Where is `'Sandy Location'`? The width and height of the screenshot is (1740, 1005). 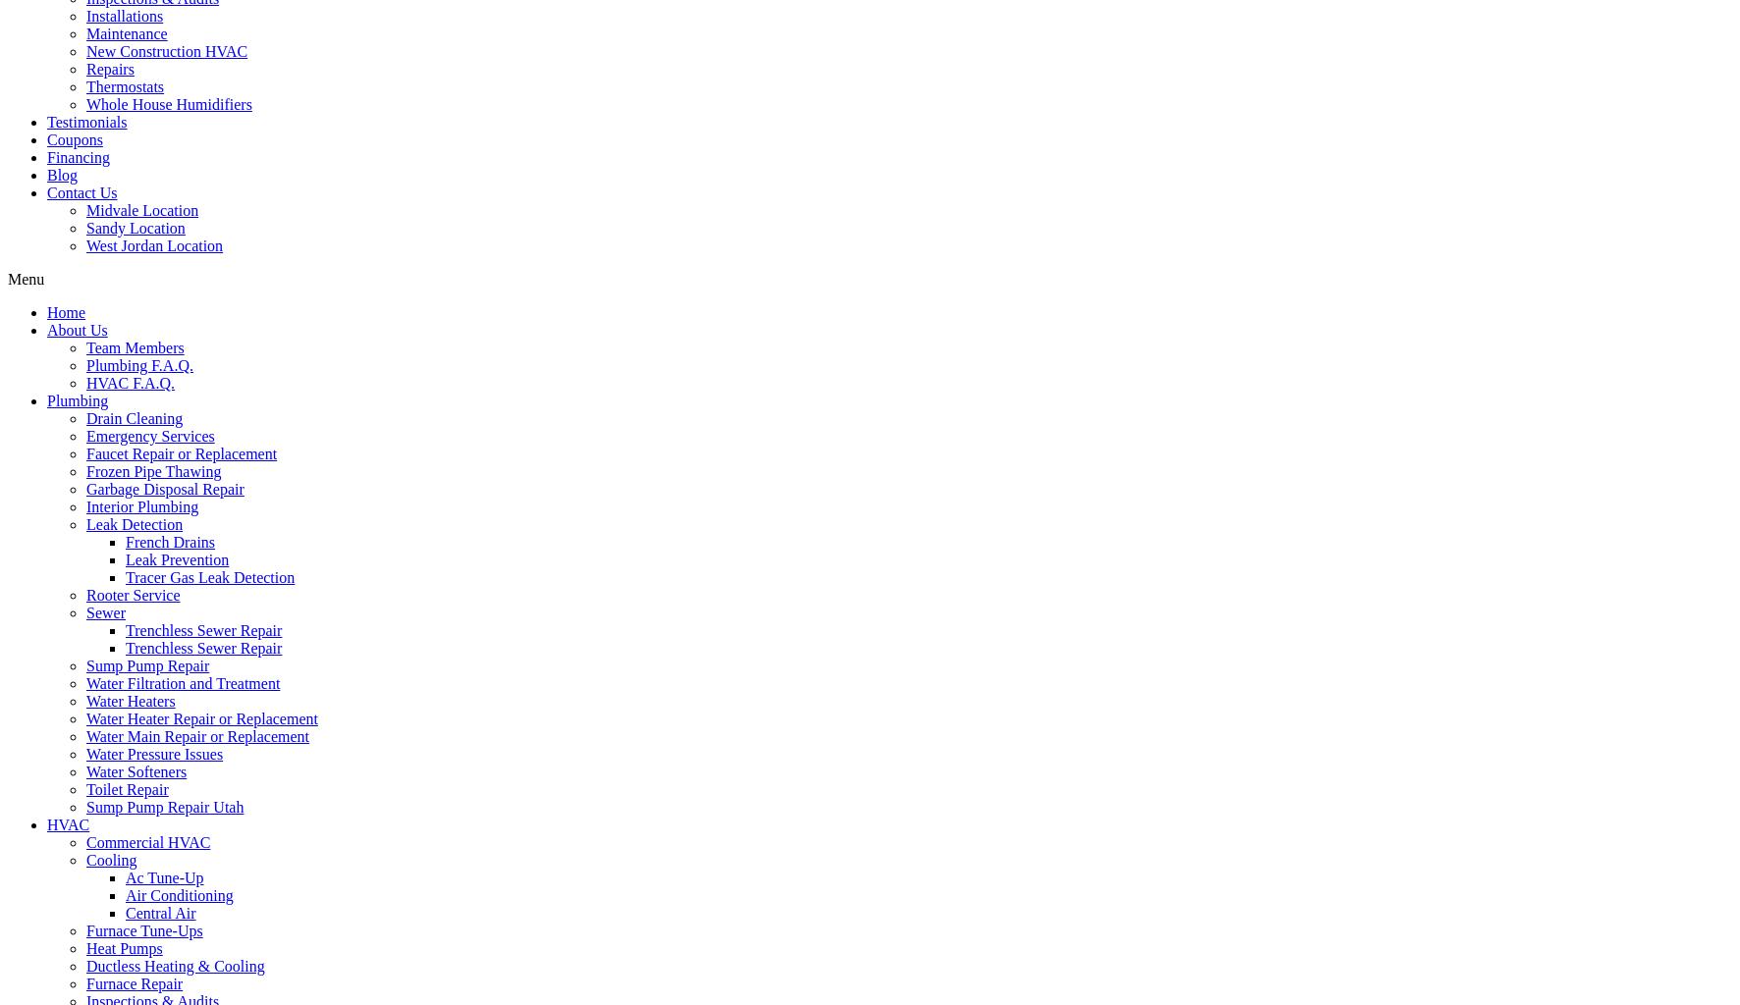
'Sandy Location' is located at coordinates (85, 226).